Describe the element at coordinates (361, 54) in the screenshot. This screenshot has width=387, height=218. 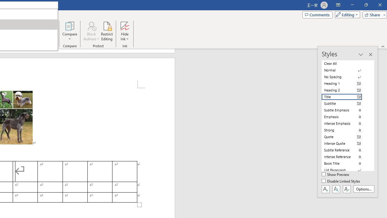
I see `'Task Pane Options'` at that location.